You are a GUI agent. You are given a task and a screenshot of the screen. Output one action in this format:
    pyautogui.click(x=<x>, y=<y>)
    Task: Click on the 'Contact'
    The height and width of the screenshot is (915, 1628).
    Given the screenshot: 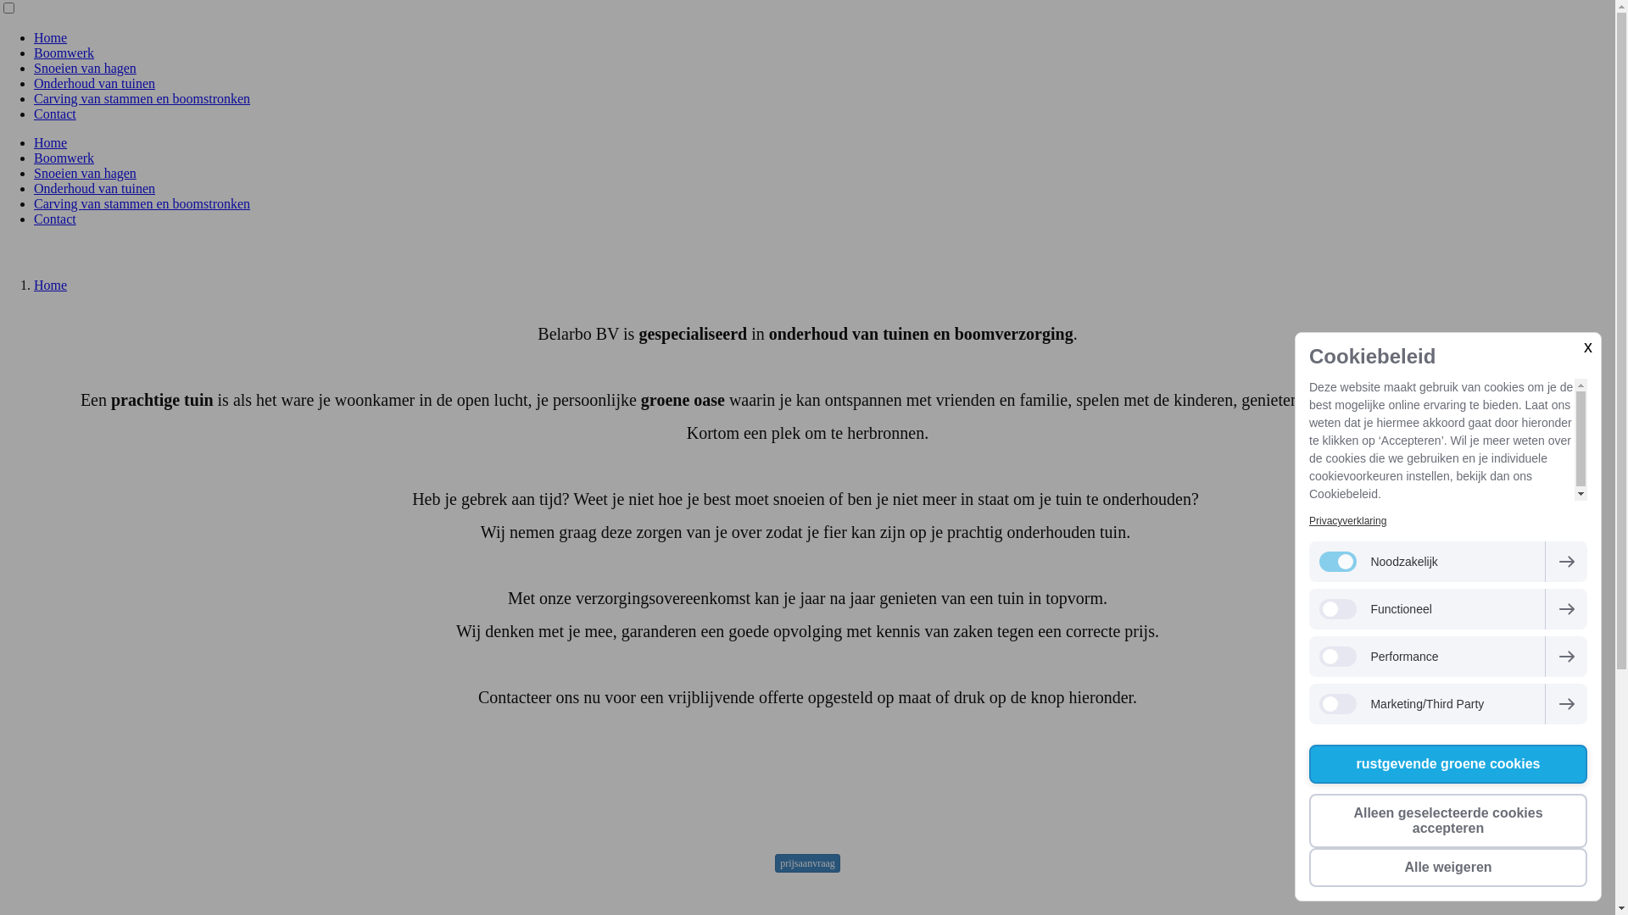 What is the action you would take?
    pyautogui.click(x=55, y=114)
    